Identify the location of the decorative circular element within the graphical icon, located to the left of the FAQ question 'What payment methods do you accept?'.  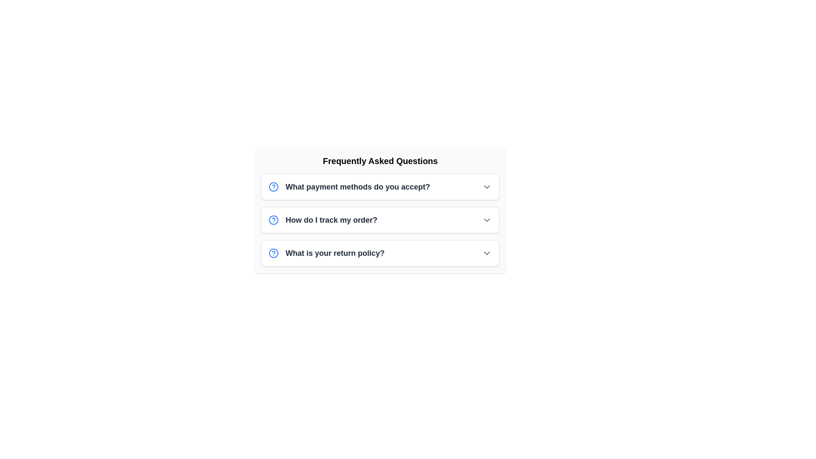
(273, 186).